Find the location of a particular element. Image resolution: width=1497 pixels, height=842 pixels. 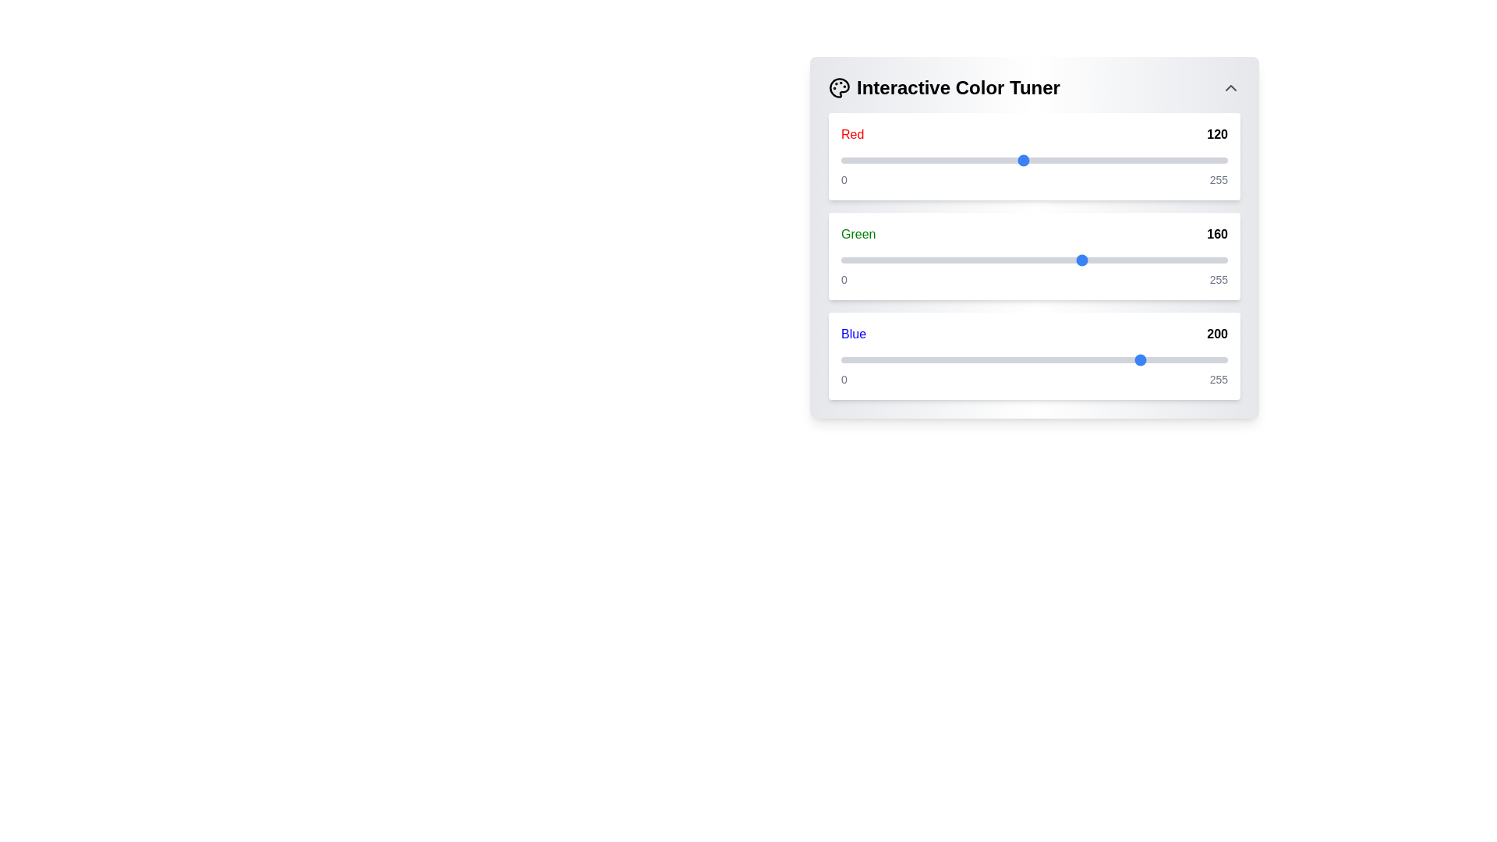

the 'Red' slider value label displaying '0' to '255', which is subtly styled in gray and positioned below the corresponding slider bar is located at coordinates (1034, 179).